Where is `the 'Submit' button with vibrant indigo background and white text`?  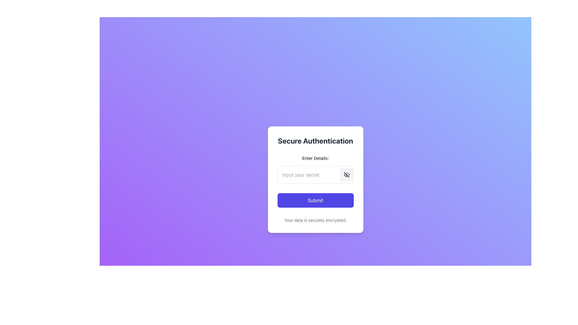
the 'Submit' button with vibrant indigo background and white text is located at coordinates (315, 200).